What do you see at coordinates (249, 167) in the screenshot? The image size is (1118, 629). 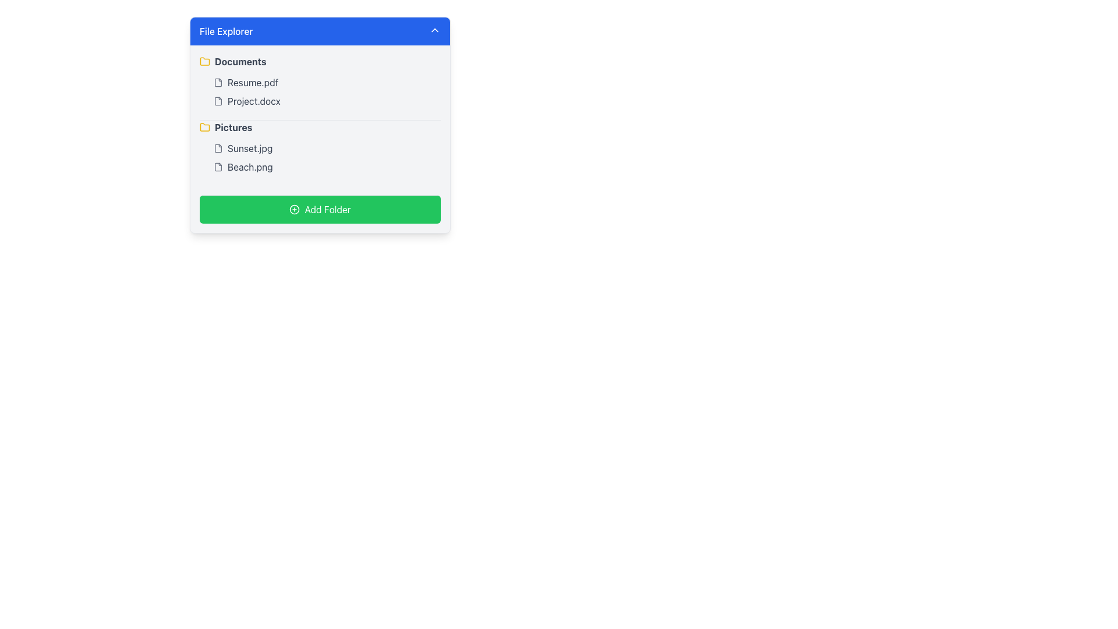 I see `the static text label that denotes the name of a file in the file list interface, specifically the second file listed in the 'Pictures' folder, located below 'Sunset.jpg'` at bounding box center [249, 167].